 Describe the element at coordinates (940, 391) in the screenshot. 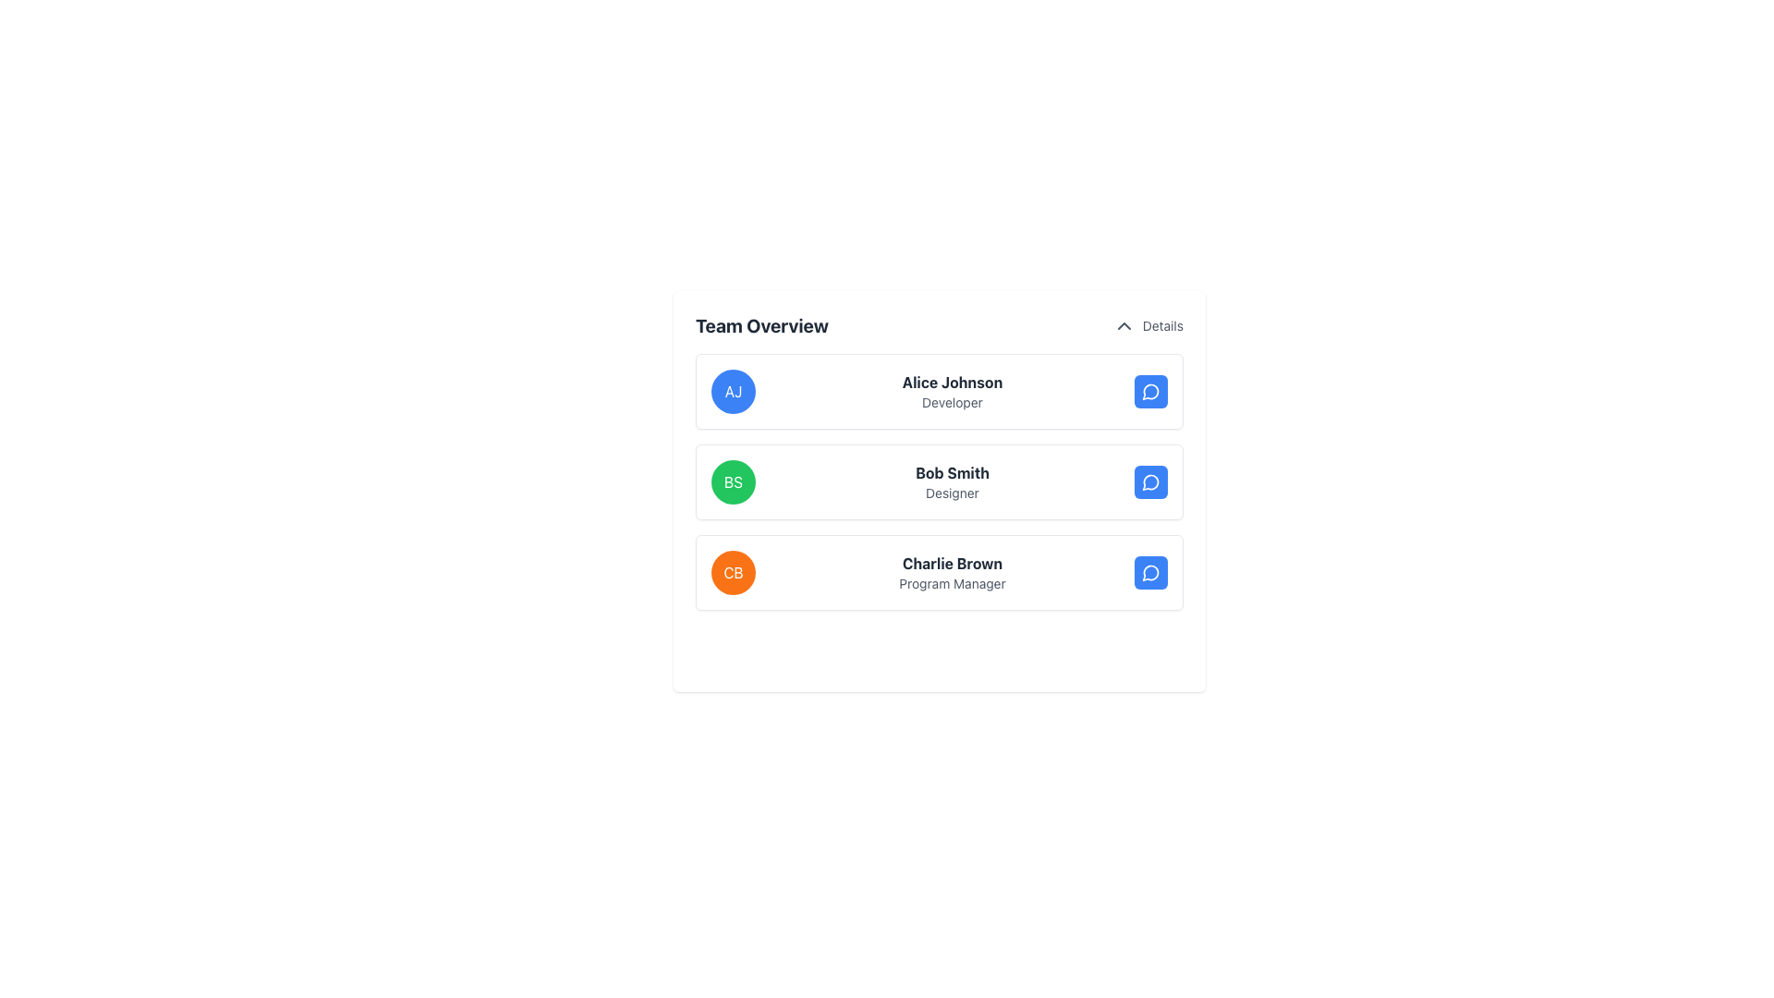

I see `the first contact card in the 'Team Overview' section` at that location.